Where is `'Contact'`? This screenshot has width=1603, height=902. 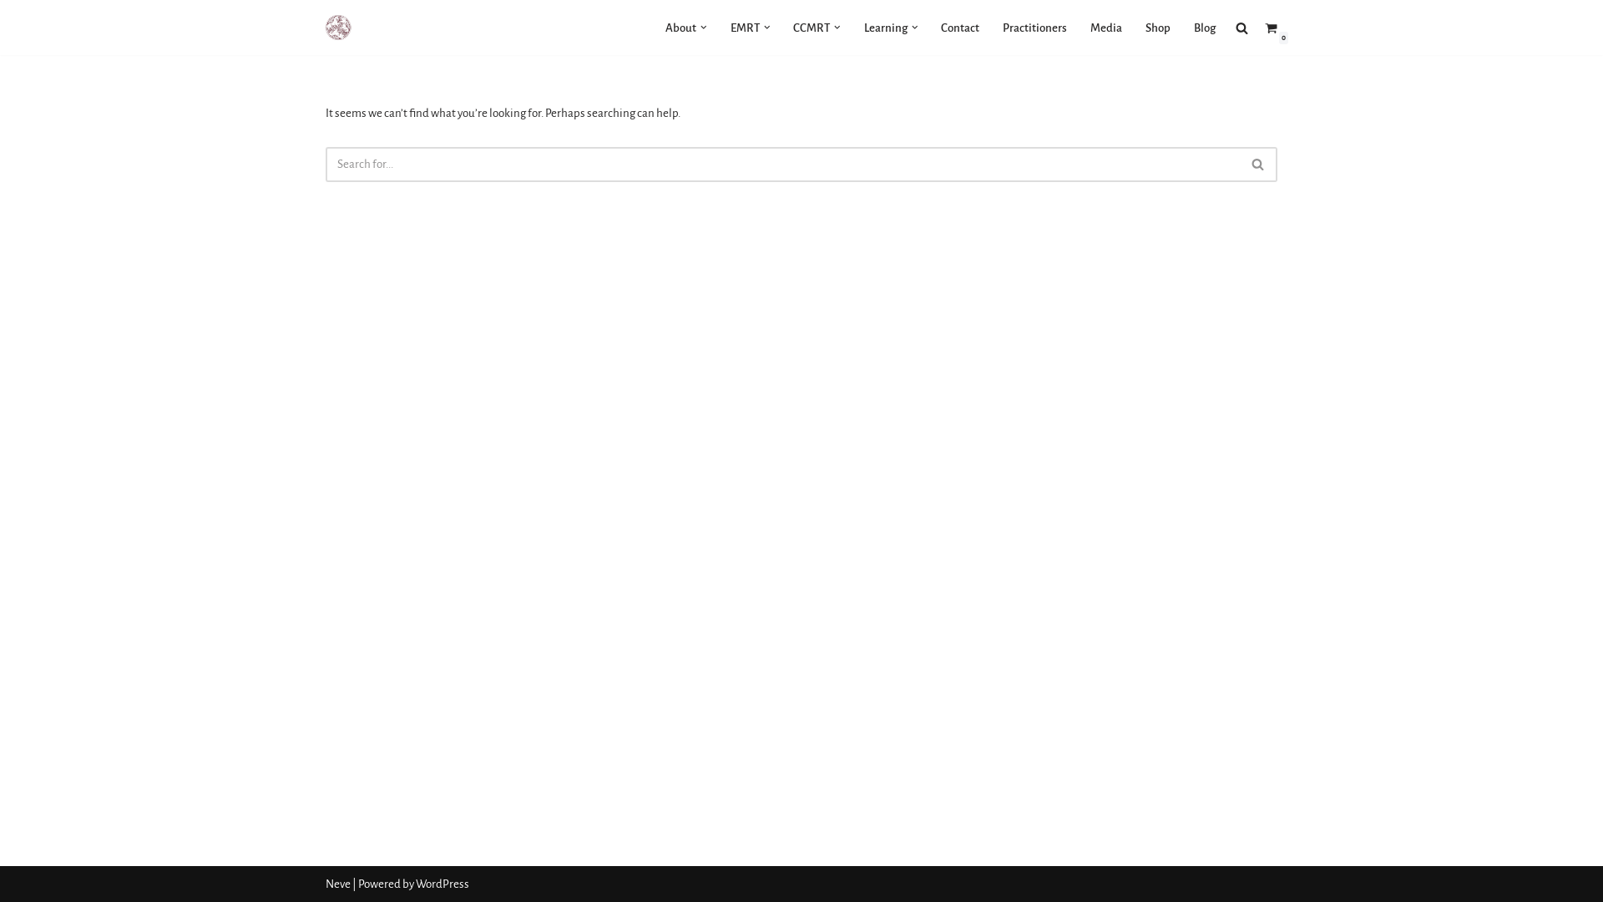 'Contact' is located at coordinates (960, 27).